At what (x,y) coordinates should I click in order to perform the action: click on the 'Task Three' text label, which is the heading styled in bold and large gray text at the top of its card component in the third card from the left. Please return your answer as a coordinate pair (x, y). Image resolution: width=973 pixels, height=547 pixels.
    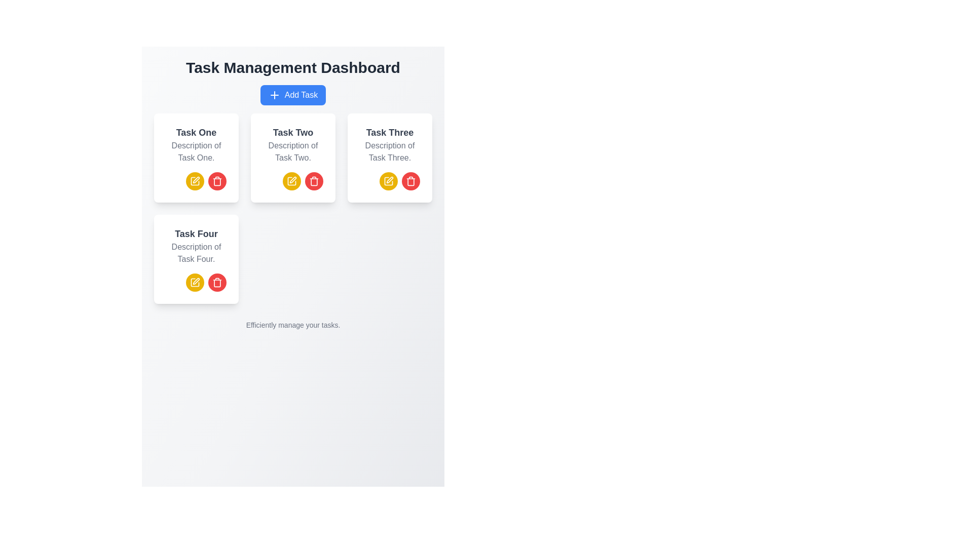
    Looking at the image, I should click on (389, 132).